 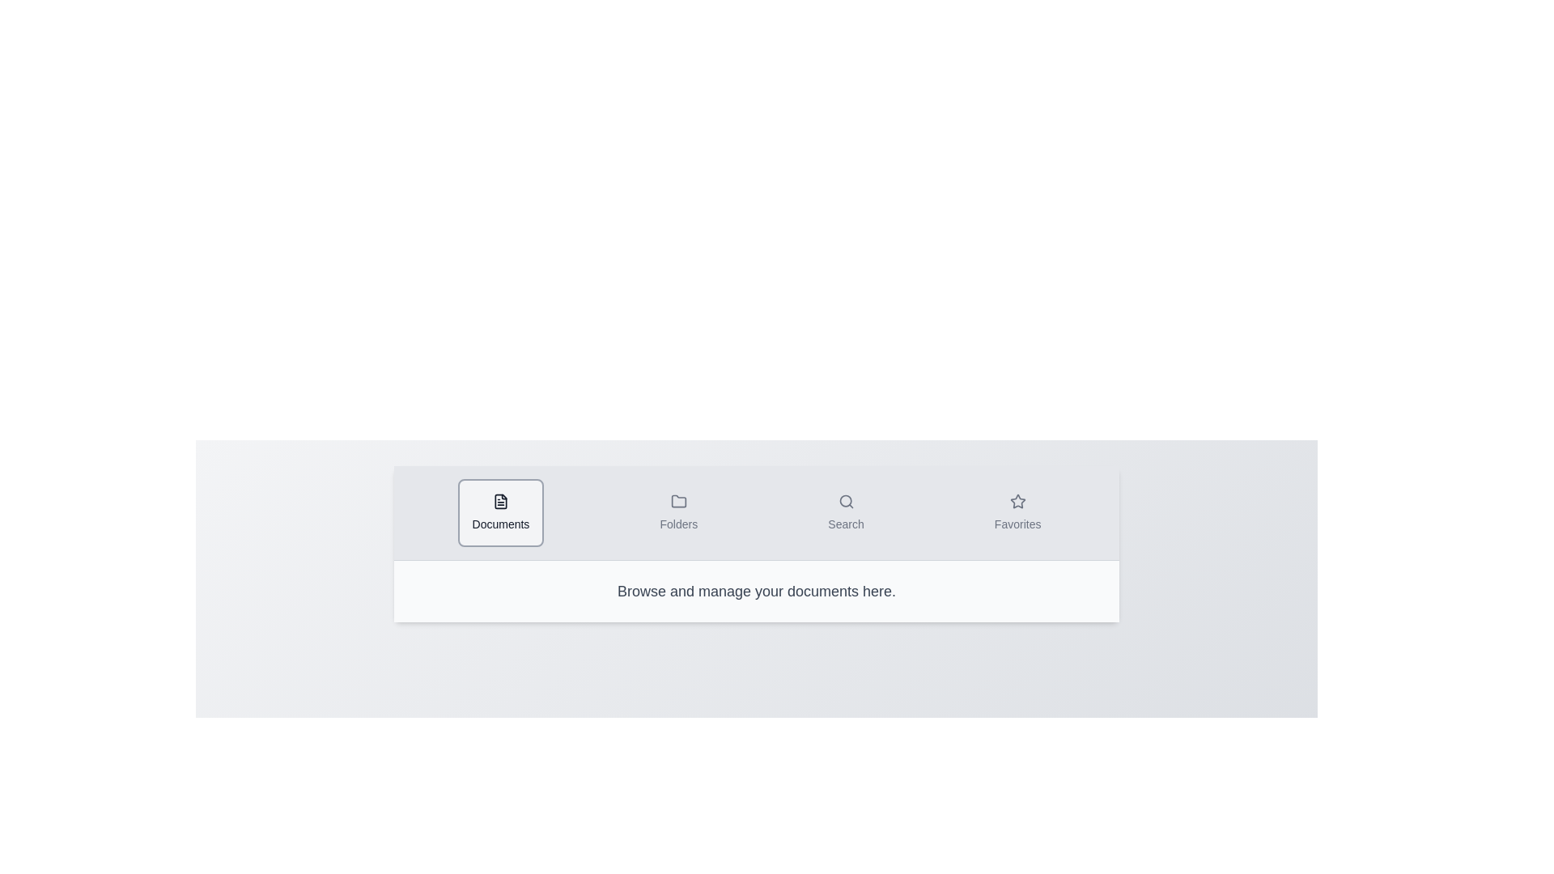 What do you see at coordinates (678, 512) in the screenshot?
I see `the tab labeled Folders` at bounding box center [678, 512].